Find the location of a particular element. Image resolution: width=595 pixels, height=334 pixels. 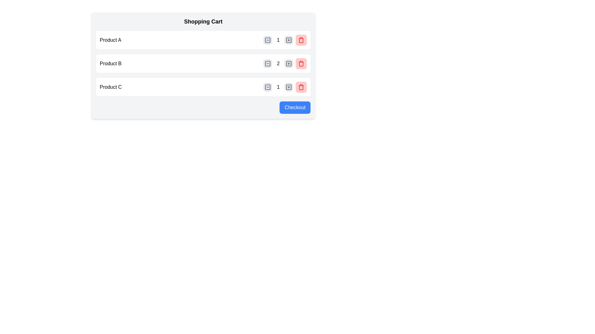

the delete button located on the rightmost side of the second product entry in the shopping cart interface, adjacent to the number '2' representing the product quantity is located at coordinates (301, 63).